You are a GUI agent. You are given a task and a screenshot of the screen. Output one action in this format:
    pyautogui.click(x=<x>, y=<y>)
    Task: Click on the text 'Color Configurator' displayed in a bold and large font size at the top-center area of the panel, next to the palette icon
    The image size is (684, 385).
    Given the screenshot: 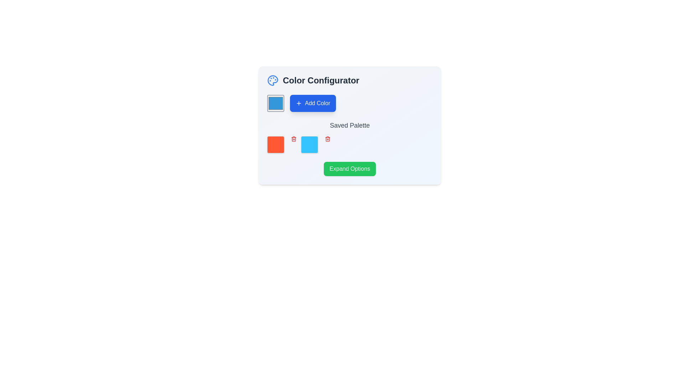 What is the action you would take?
    pyautogui.click(x=350, y=80)
    